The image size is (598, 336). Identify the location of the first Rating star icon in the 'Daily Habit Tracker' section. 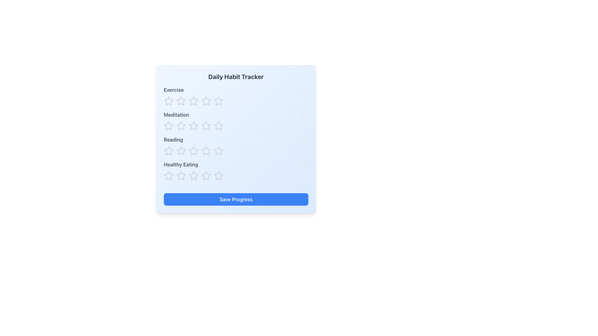
(169, 100).